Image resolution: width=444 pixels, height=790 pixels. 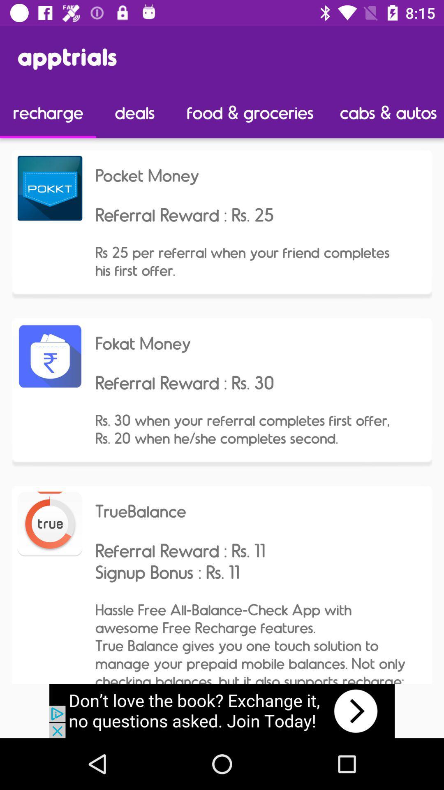 What do you see at coordinates (222, 711) in the screenshot?
I see `open advertisement` at bounding box center [222, 711].